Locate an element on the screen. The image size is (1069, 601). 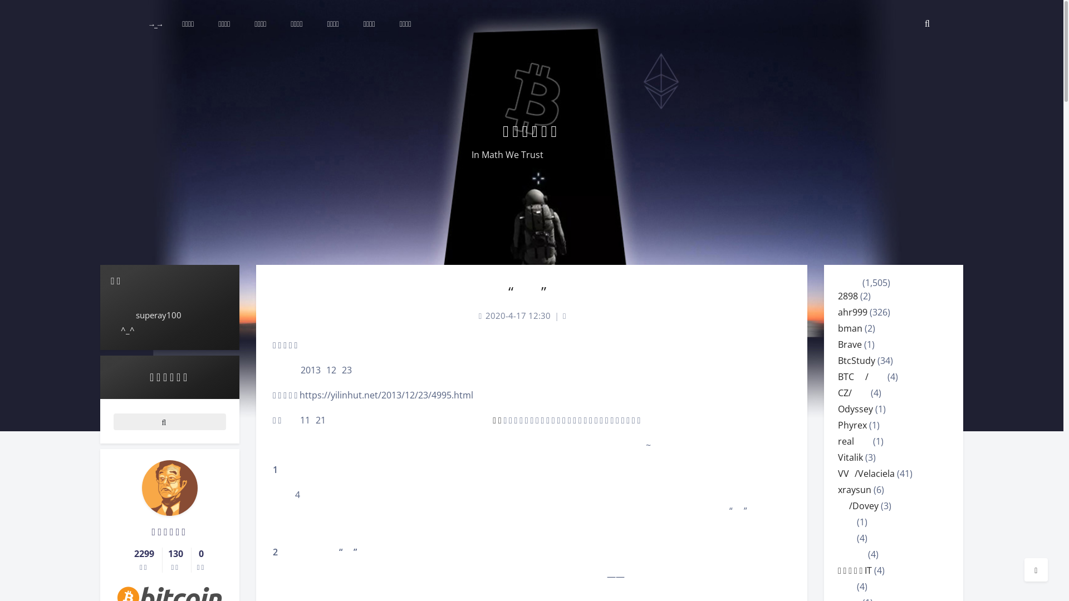
'2898' is located at coordinates (847, 295).